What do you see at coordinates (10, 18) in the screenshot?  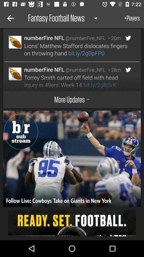 I see `the icon next to fantasy football news` at bounding box center [10, 18].